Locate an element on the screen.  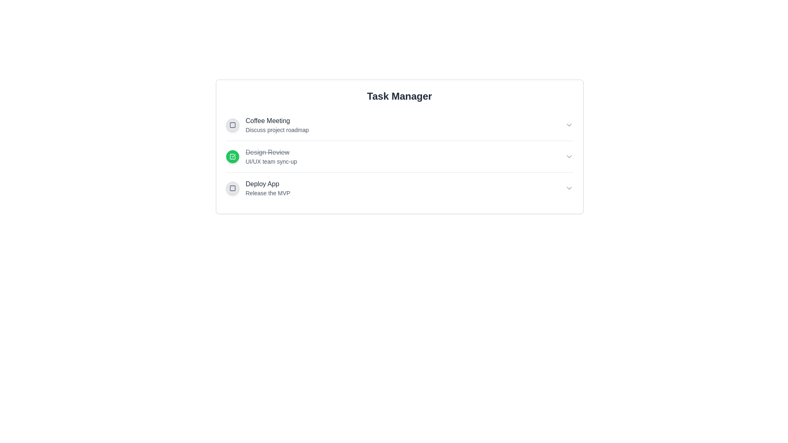
the chevron icon to expand the details of the task specified by Design Review is located at coordinates (568, 156).